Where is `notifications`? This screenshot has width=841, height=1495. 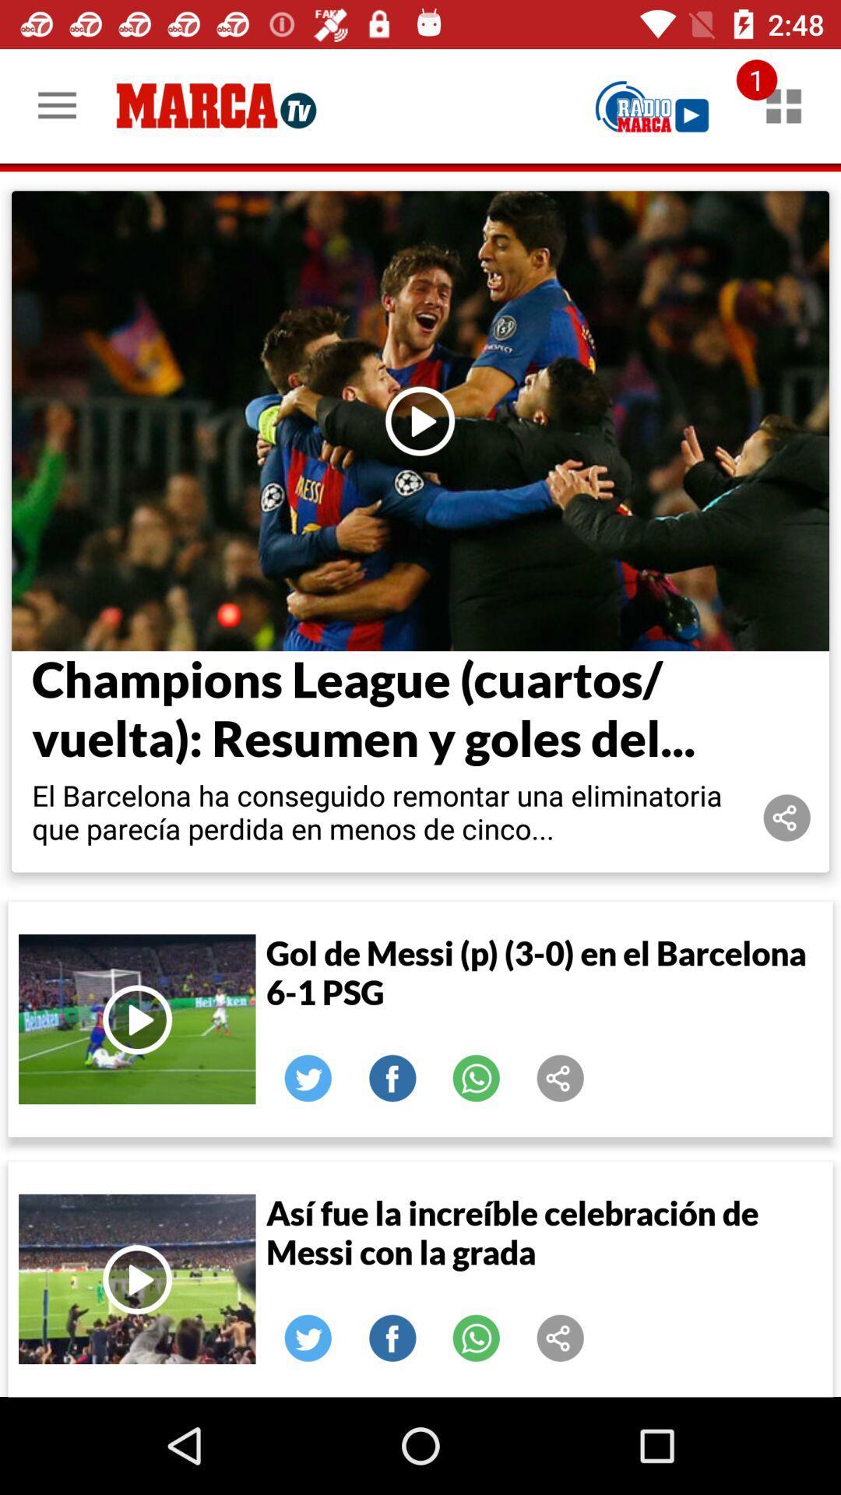 notifications is located at coordinates (783, 105).